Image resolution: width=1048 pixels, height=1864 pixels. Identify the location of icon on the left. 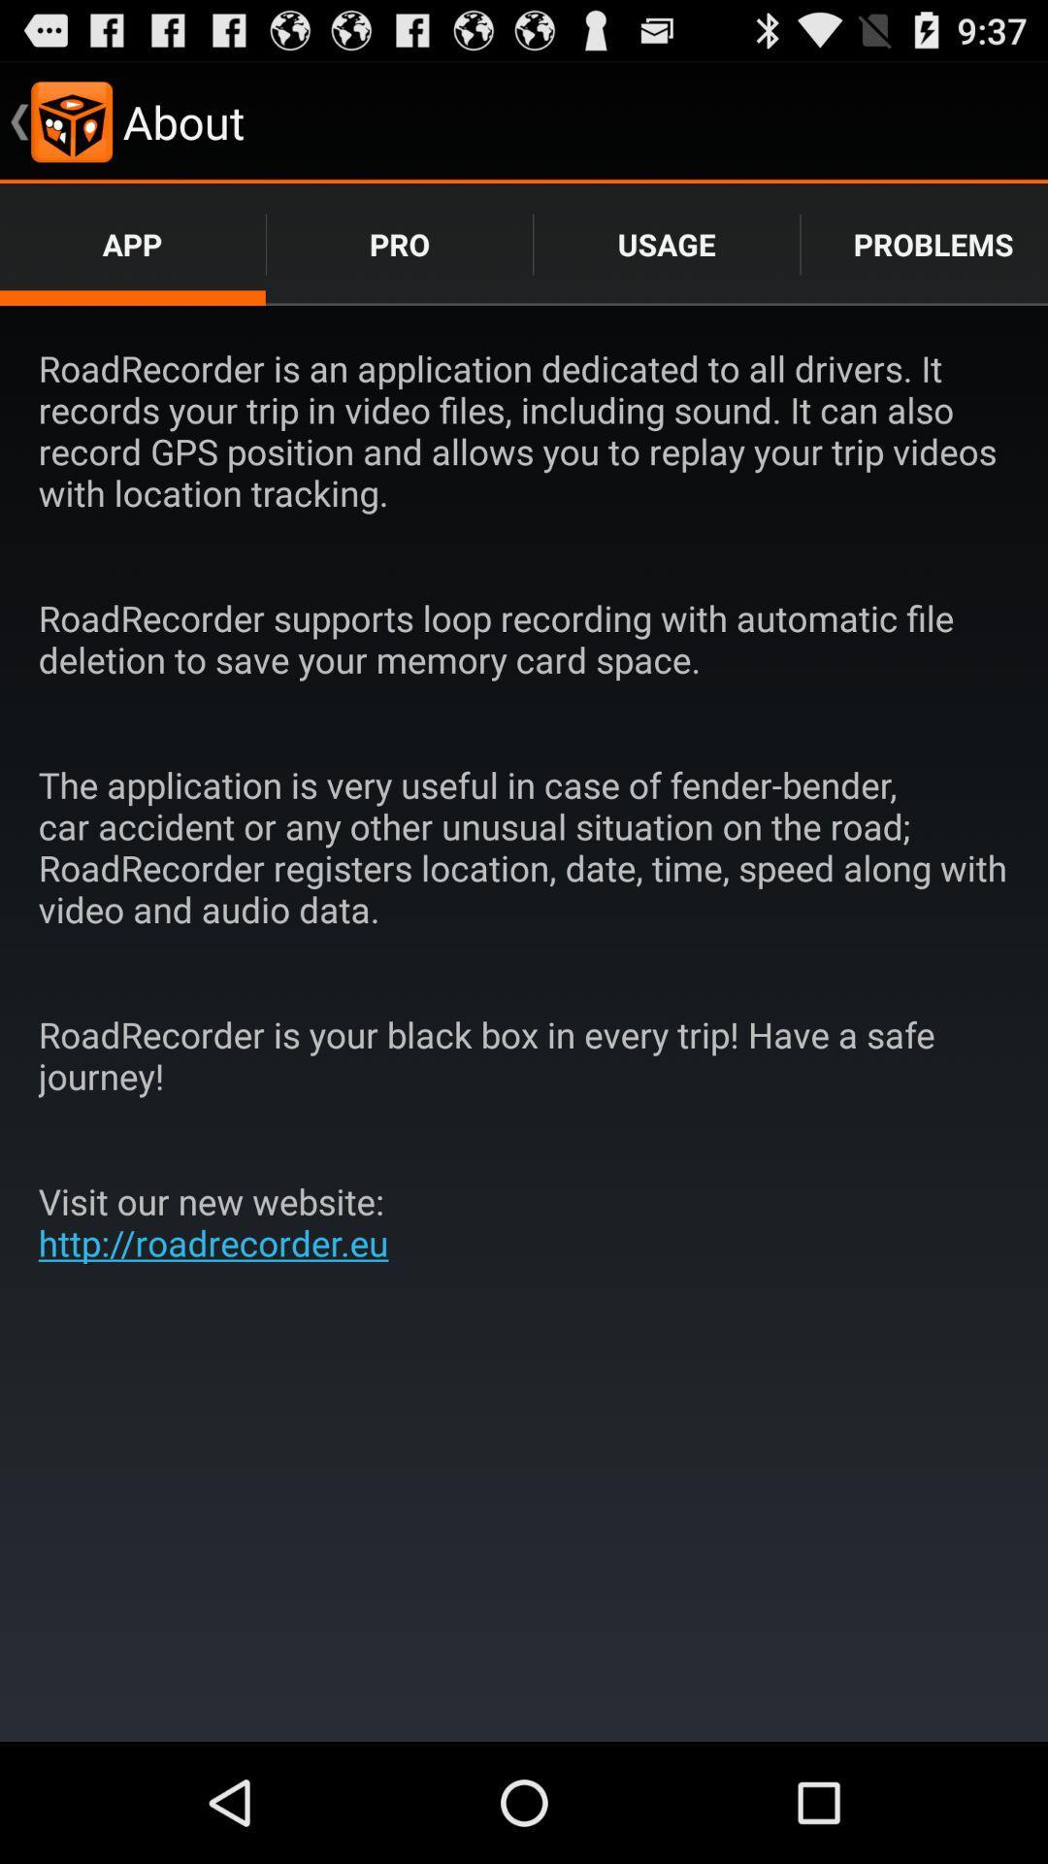
(219, 1220).